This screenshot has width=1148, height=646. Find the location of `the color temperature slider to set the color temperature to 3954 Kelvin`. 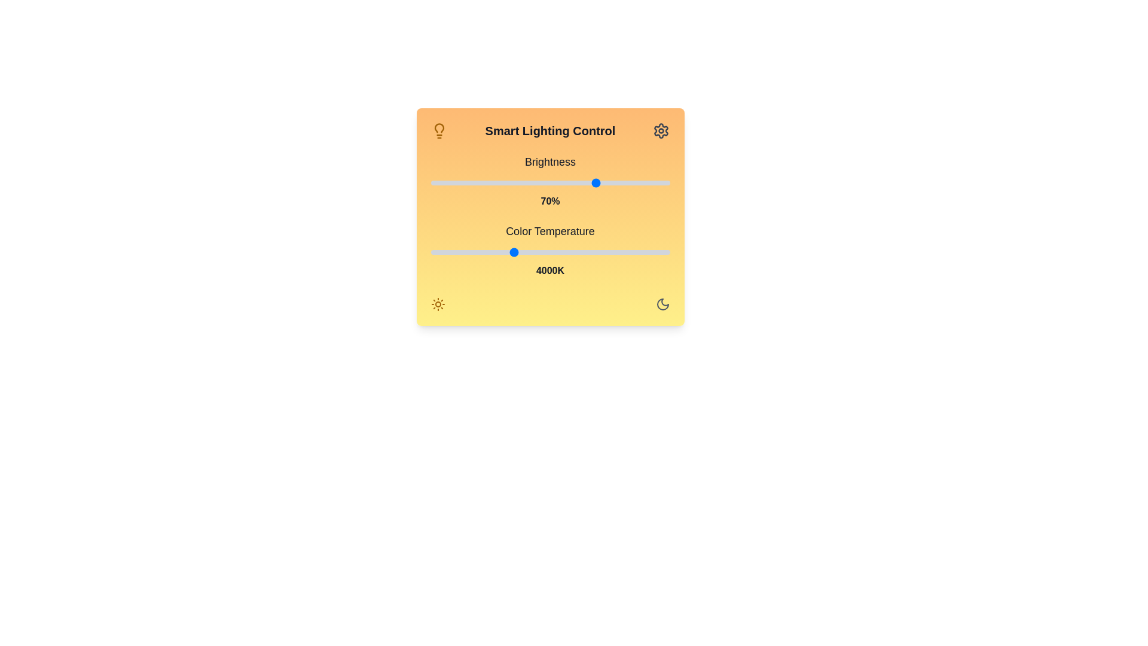

the color temperature slider to set the color temperature to 3954 Kelvin is located at coordinates (509, 251).